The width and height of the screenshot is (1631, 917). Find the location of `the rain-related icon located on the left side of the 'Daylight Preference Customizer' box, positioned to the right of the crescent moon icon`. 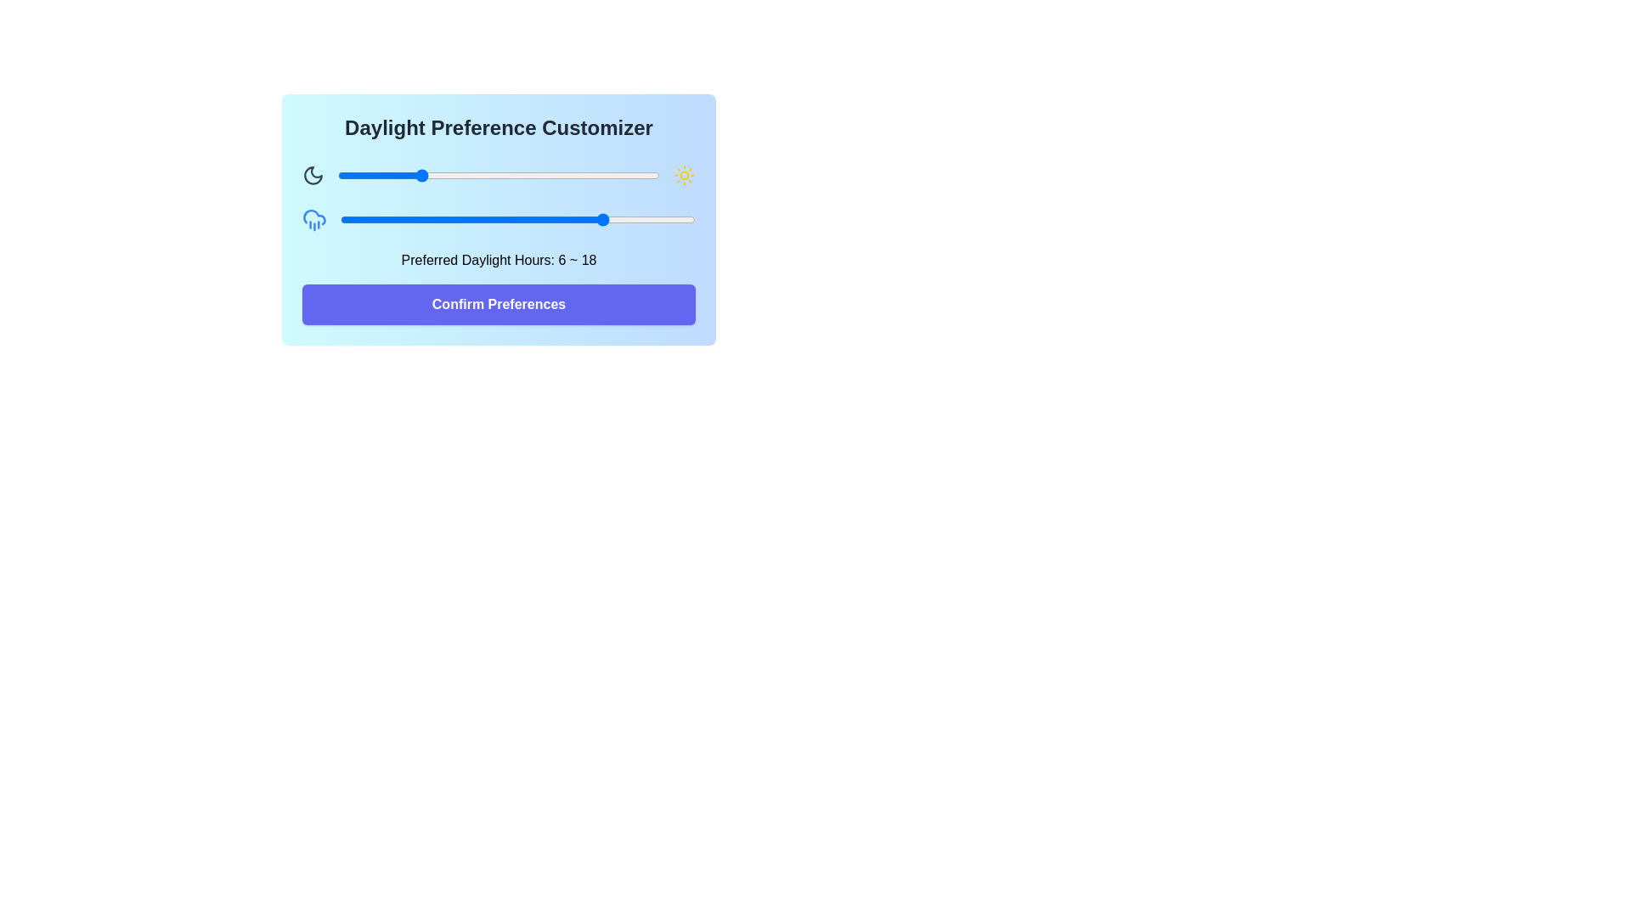

the rain-related icon located on the left side of the 'Daylight Preference Customizer' box, positioned to the right of the crescent moon icon is located at coordinates (314, 218).